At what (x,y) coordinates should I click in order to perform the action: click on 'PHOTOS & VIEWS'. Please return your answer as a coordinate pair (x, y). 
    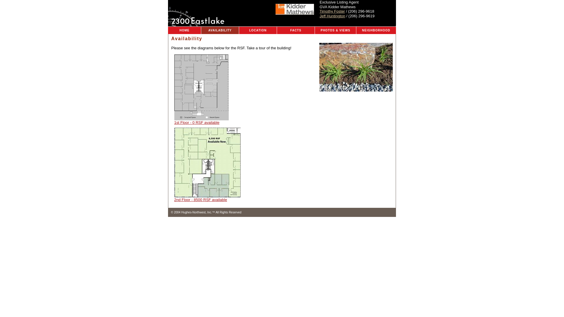
    Looking at the image, I should click on (335, 30).